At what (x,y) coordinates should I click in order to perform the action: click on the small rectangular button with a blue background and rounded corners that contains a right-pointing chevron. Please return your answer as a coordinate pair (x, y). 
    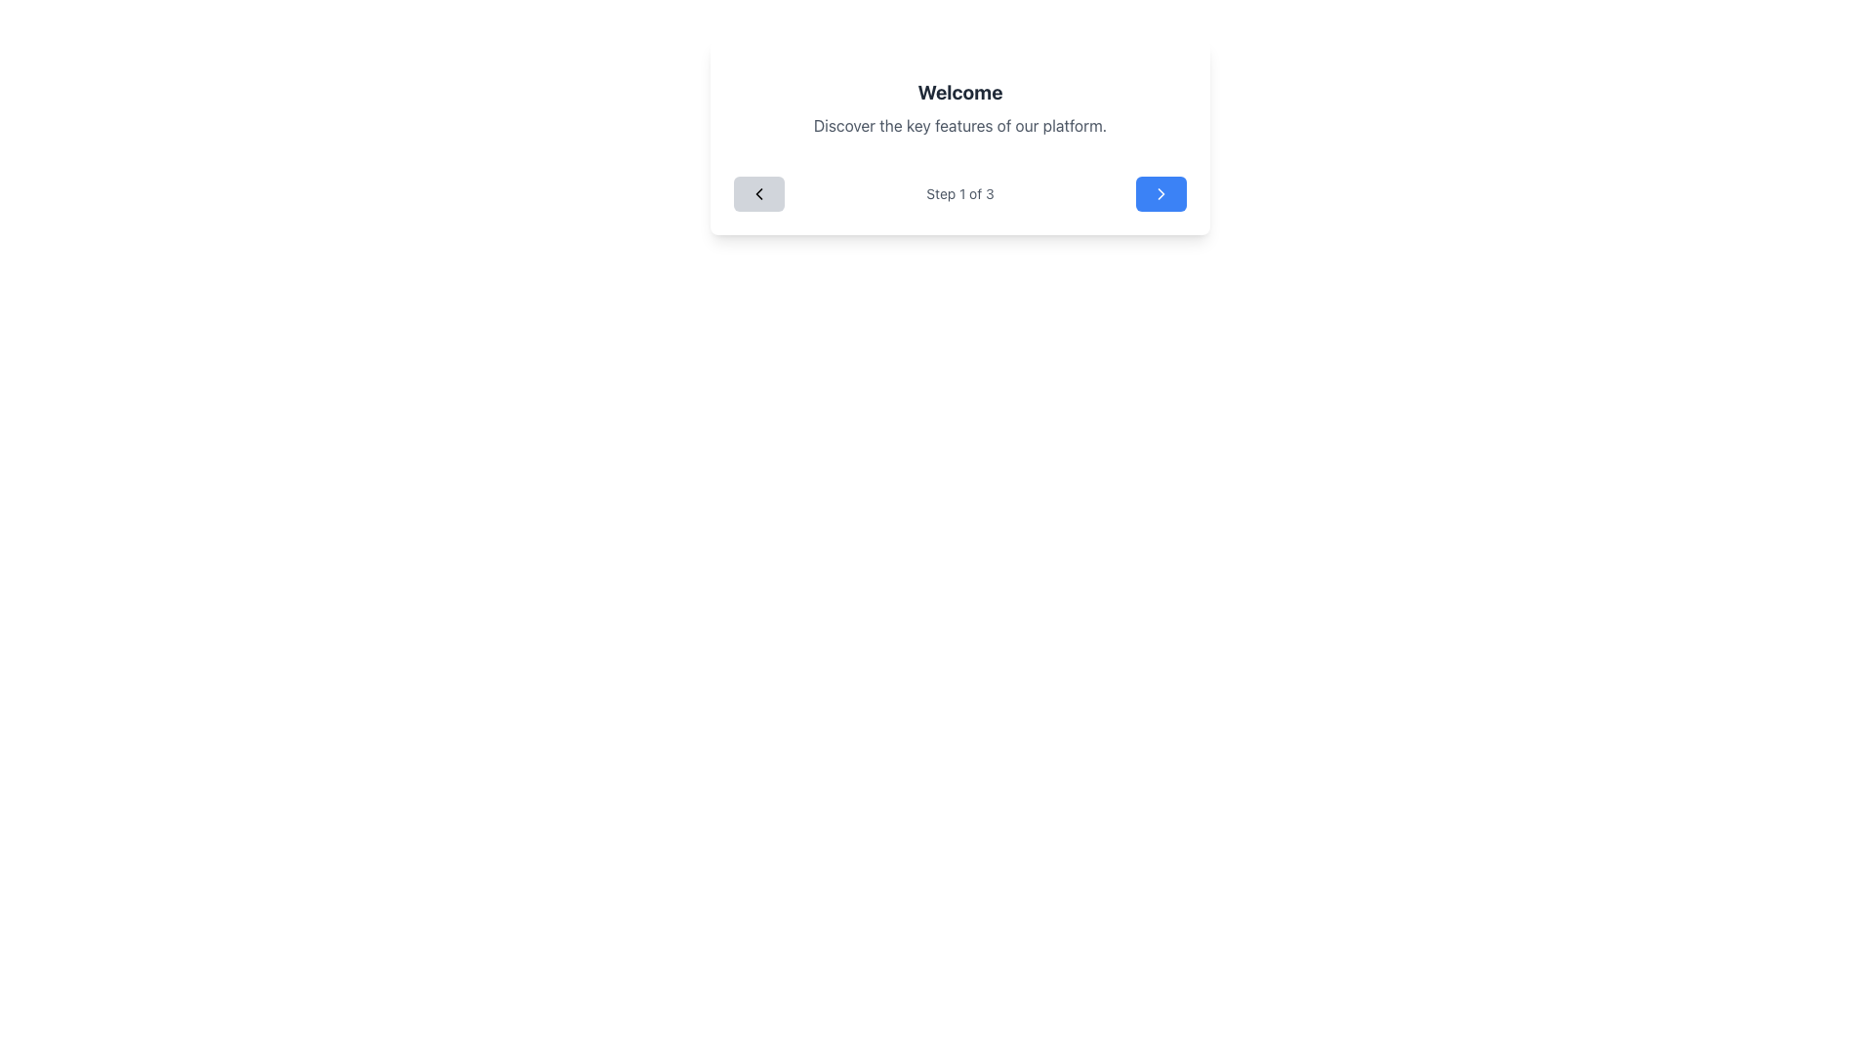
    Looking at the image, I should click on (1161, 194).